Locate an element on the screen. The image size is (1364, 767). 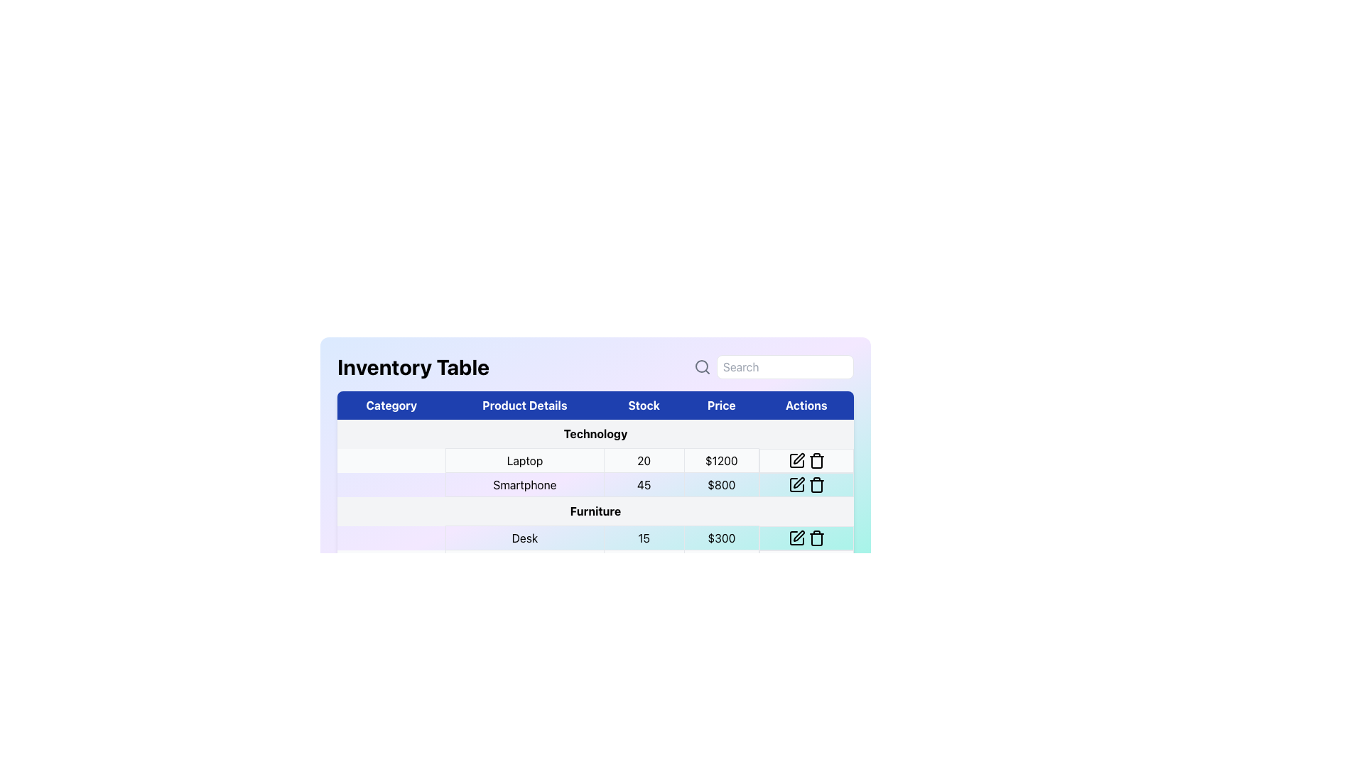
the middle segment of the trash icon, which is part of the trash icon used to delete the 'Desk' item from the inventory table is located at coordinates (816, 539).